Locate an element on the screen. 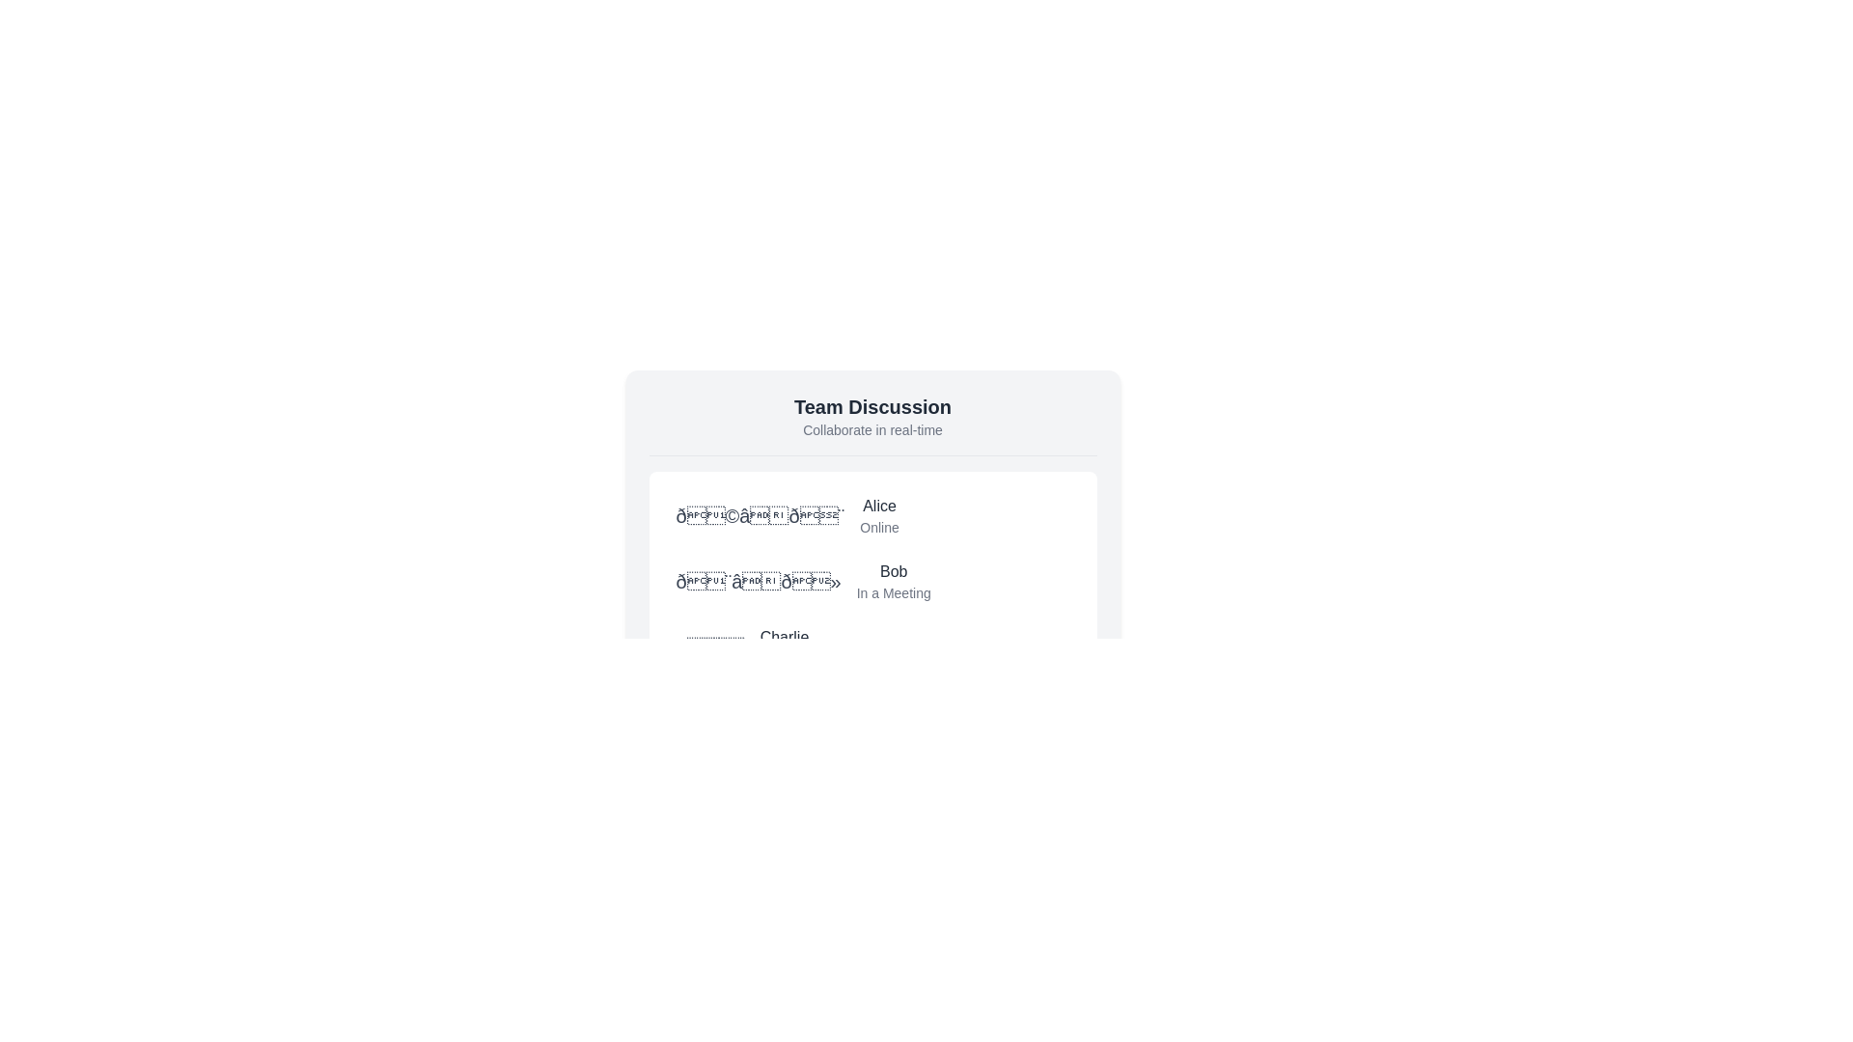 The width and height of the screenshot is (1853, 1042). the visual indicator and label for the user's status, which displays the user's name and current status in the collaboration tool, positioned above the user 'Bob' and below the title 'Team Discussion' is located at coordinates (871, 515).